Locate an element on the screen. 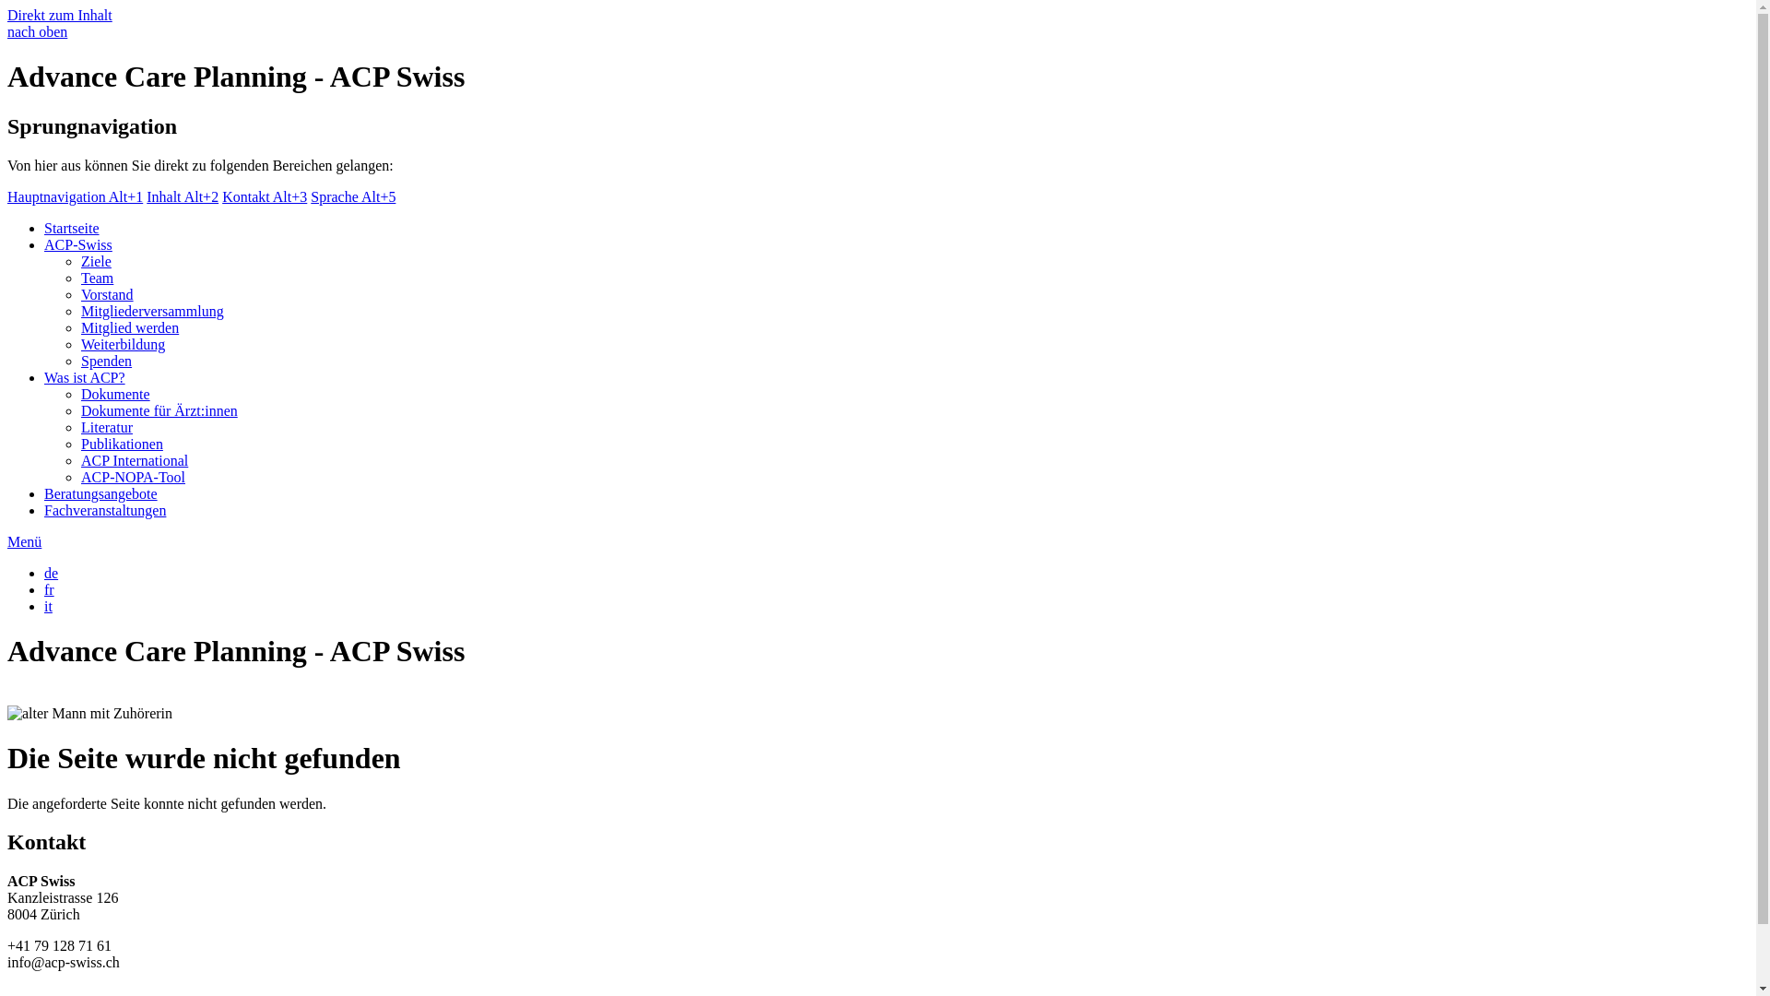 Image resolution: width=1770 pixels, height=996 pixels. 'de' is located at coordinates (51, 572).